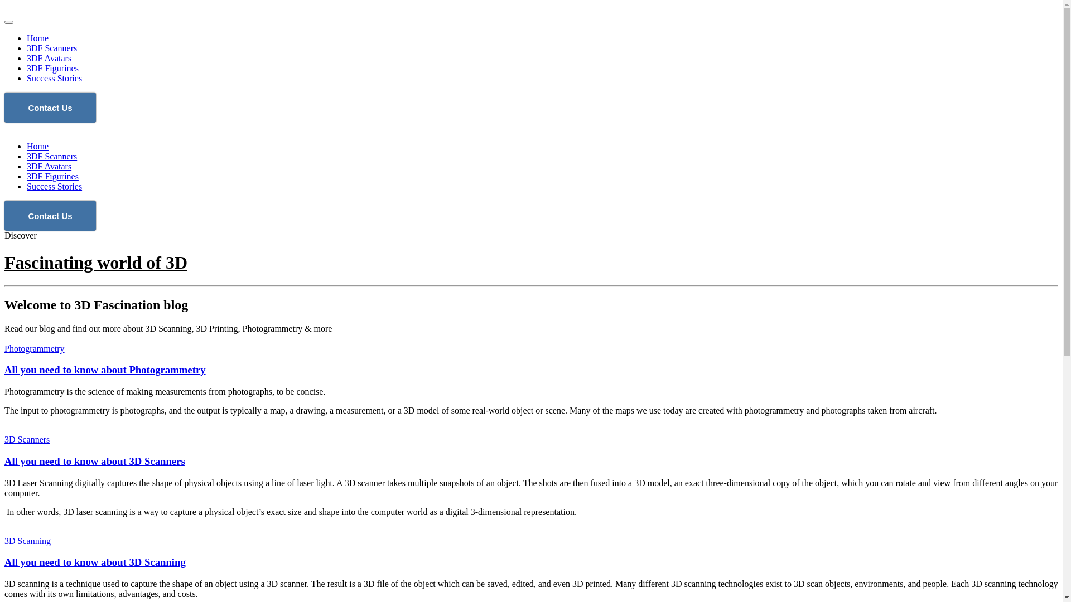 The image size is (1071, 602). What do you see at coordinates (54, 77) in the screenshot?
I see `'Success Stories'` at bounding box center [54, 77].